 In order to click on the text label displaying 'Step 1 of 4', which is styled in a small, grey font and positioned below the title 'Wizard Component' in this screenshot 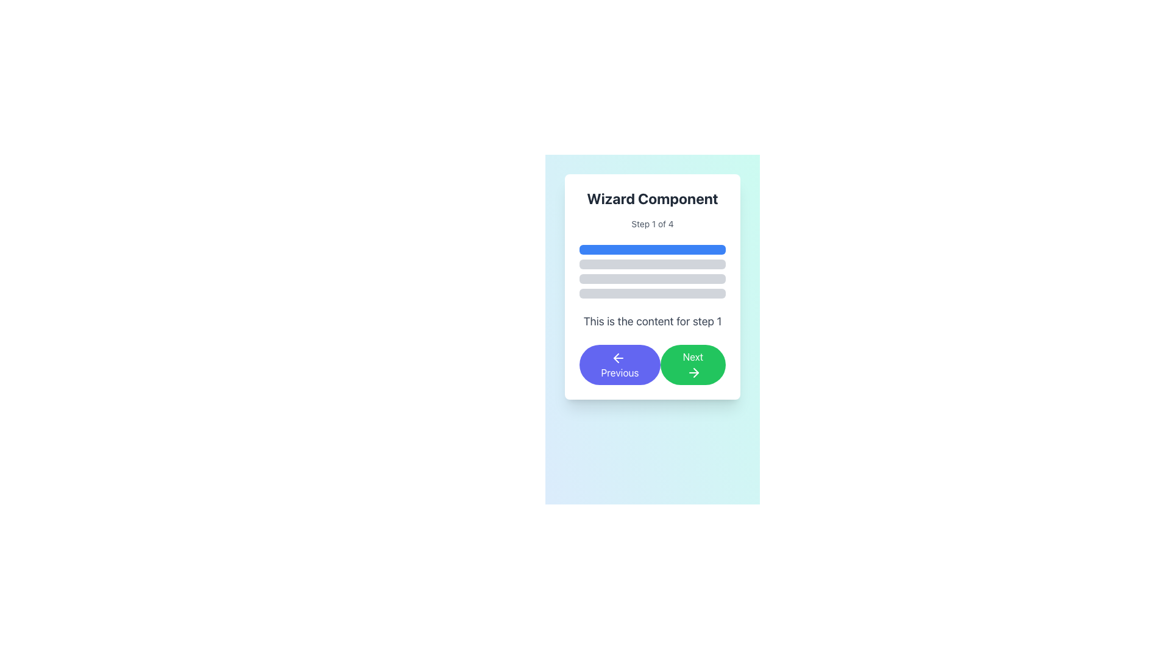, I will do `click(651, 224)`.